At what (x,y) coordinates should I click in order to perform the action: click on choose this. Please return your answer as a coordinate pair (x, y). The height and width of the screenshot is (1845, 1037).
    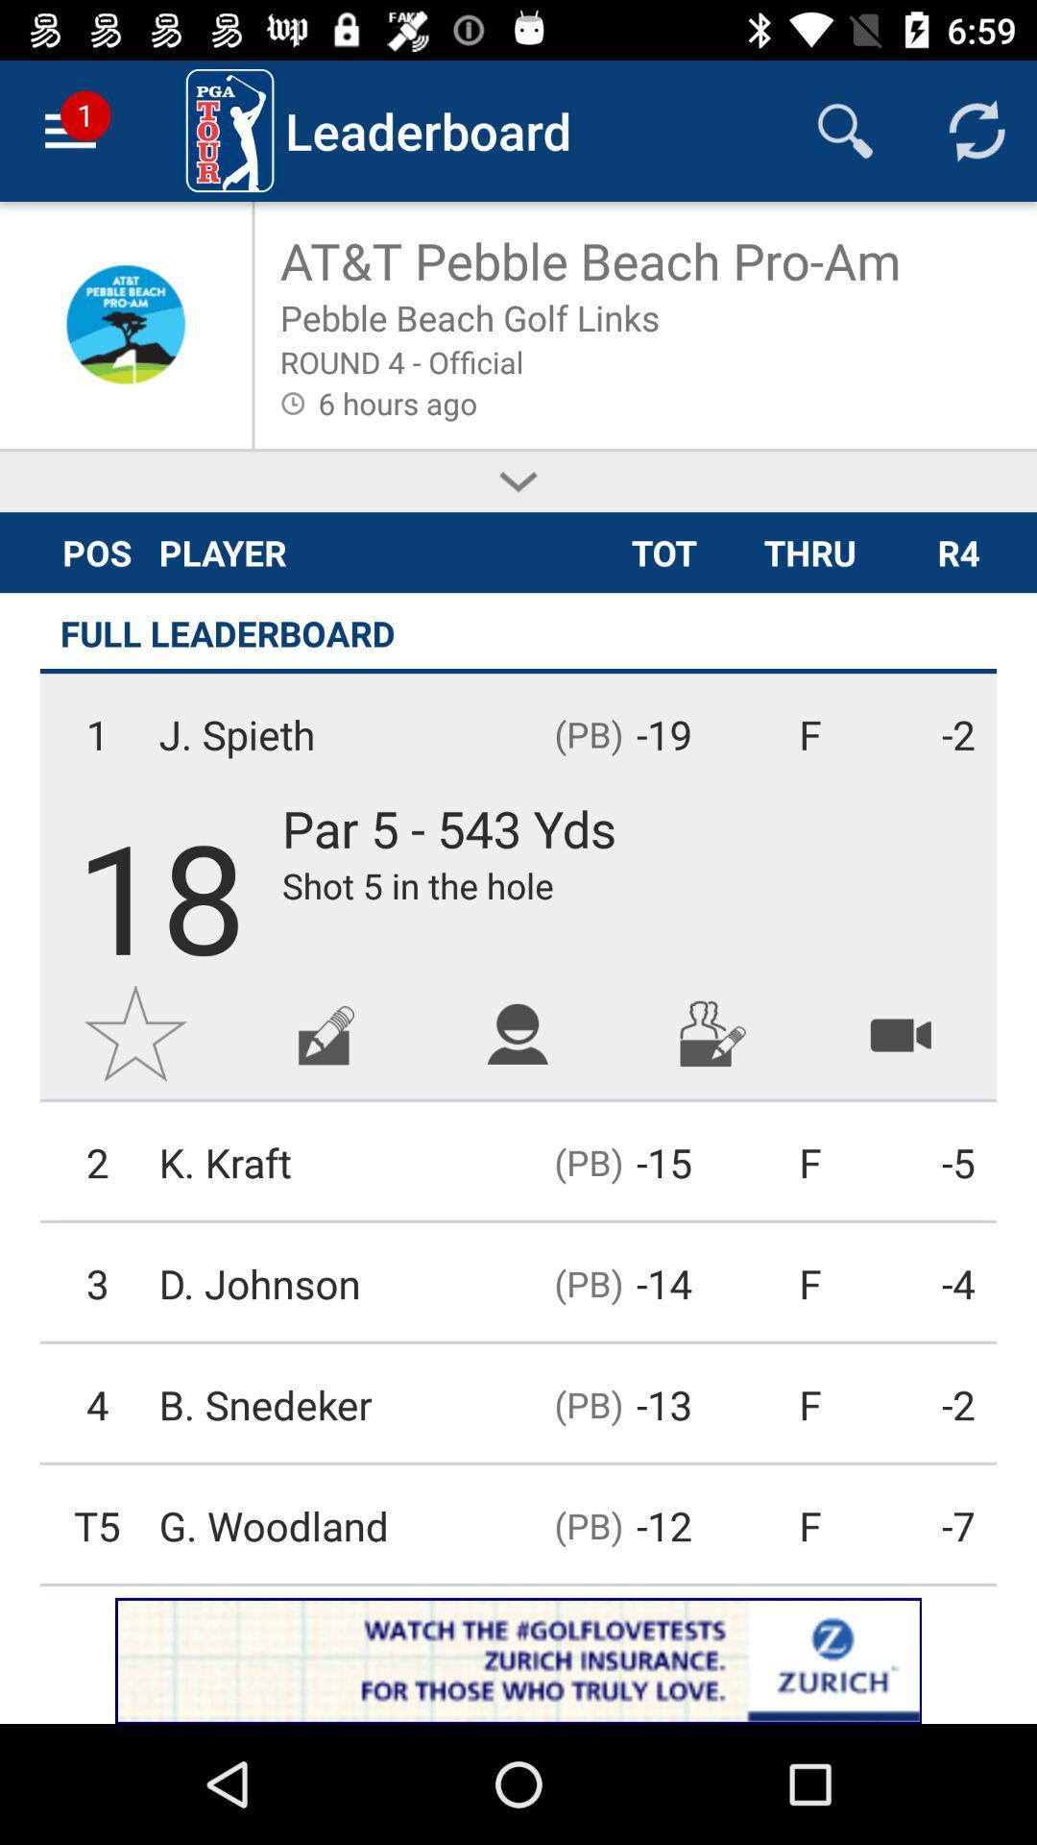
    Looking at the image, I should click on (518, 481).